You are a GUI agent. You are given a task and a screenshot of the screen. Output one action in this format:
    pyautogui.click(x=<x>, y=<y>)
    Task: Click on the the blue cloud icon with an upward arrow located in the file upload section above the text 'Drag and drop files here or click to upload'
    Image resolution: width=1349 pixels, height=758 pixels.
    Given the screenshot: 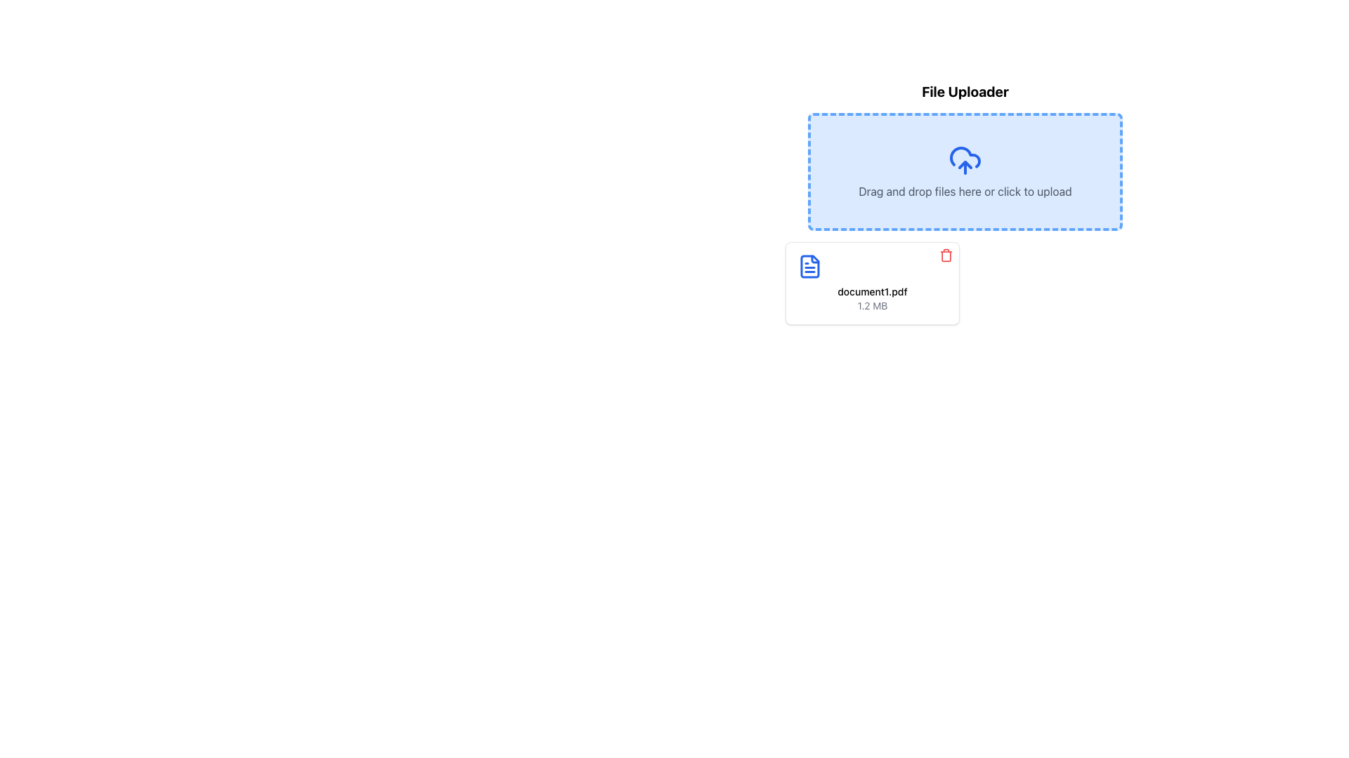 What is the action you would take?
    pyautogui.click(x=964, y=159)
    